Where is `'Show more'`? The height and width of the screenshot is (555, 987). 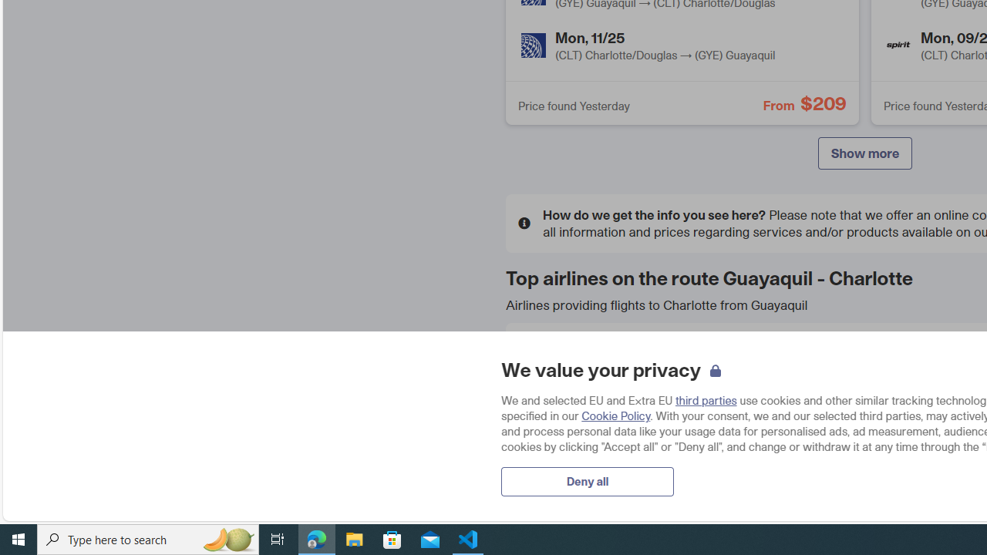
'Show more' is located at coordinates (864, 153).